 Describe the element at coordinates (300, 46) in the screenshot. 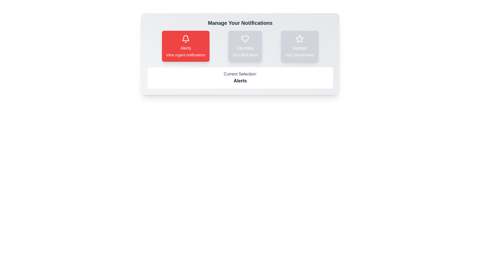

I see `the notification type Ratings by clicking on its respective button` at that location.